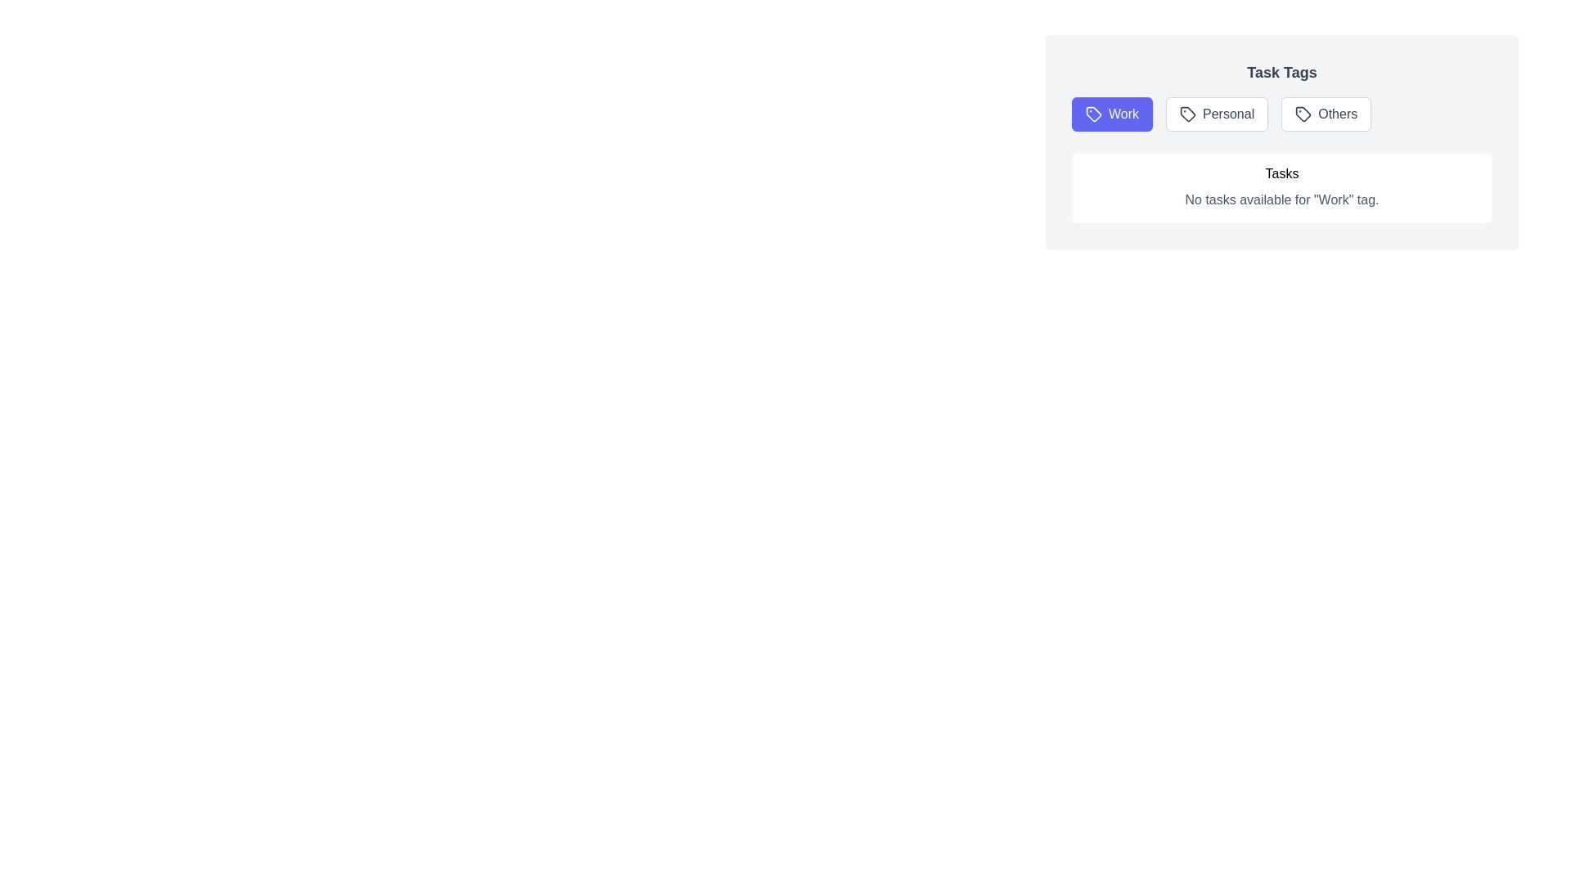  Describe the element at coordinates (1217, 113) in the screenshot. I see `the 'Personal' button in the 'Task Tags' section` at that location.